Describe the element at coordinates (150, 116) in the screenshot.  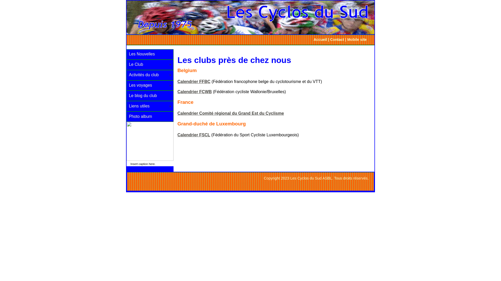
I see `'Photo album'` at that location.